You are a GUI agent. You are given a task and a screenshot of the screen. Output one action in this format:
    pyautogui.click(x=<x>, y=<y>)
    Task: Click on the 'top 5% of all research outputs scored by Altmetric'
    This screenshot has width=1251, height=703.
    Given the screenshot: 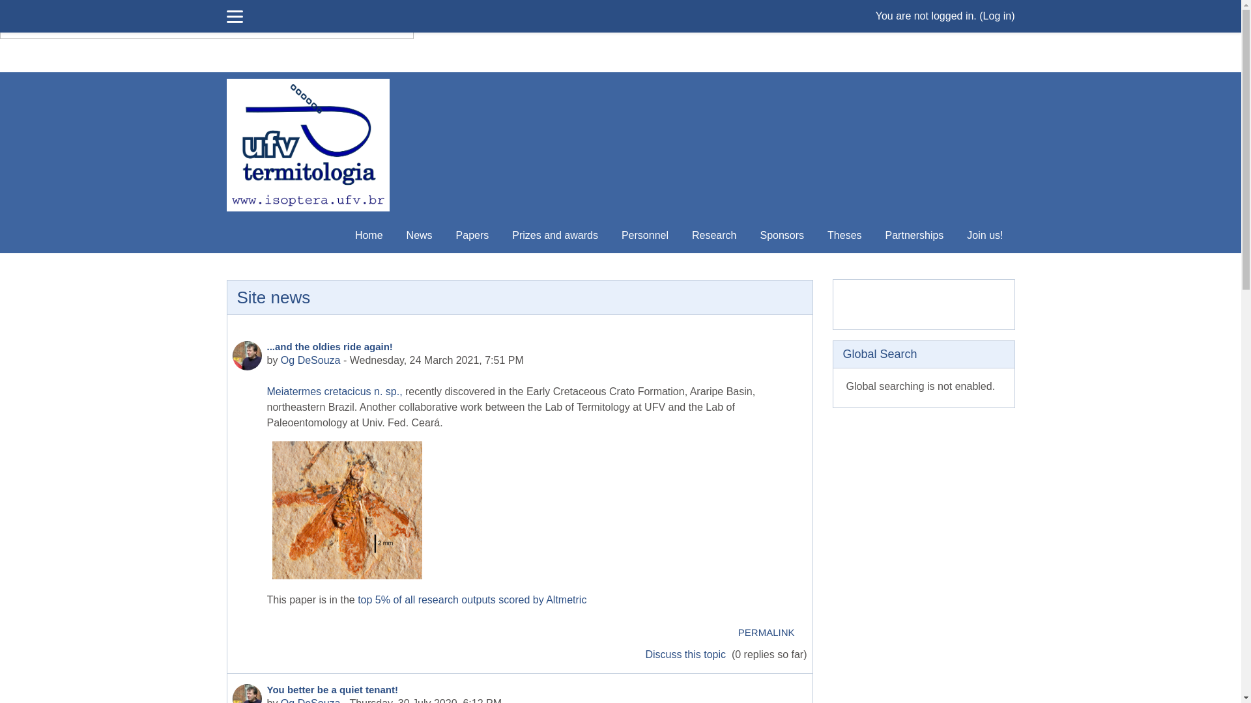 What is the action you would take?
    pyautogui.click(x=470, y=600)
    